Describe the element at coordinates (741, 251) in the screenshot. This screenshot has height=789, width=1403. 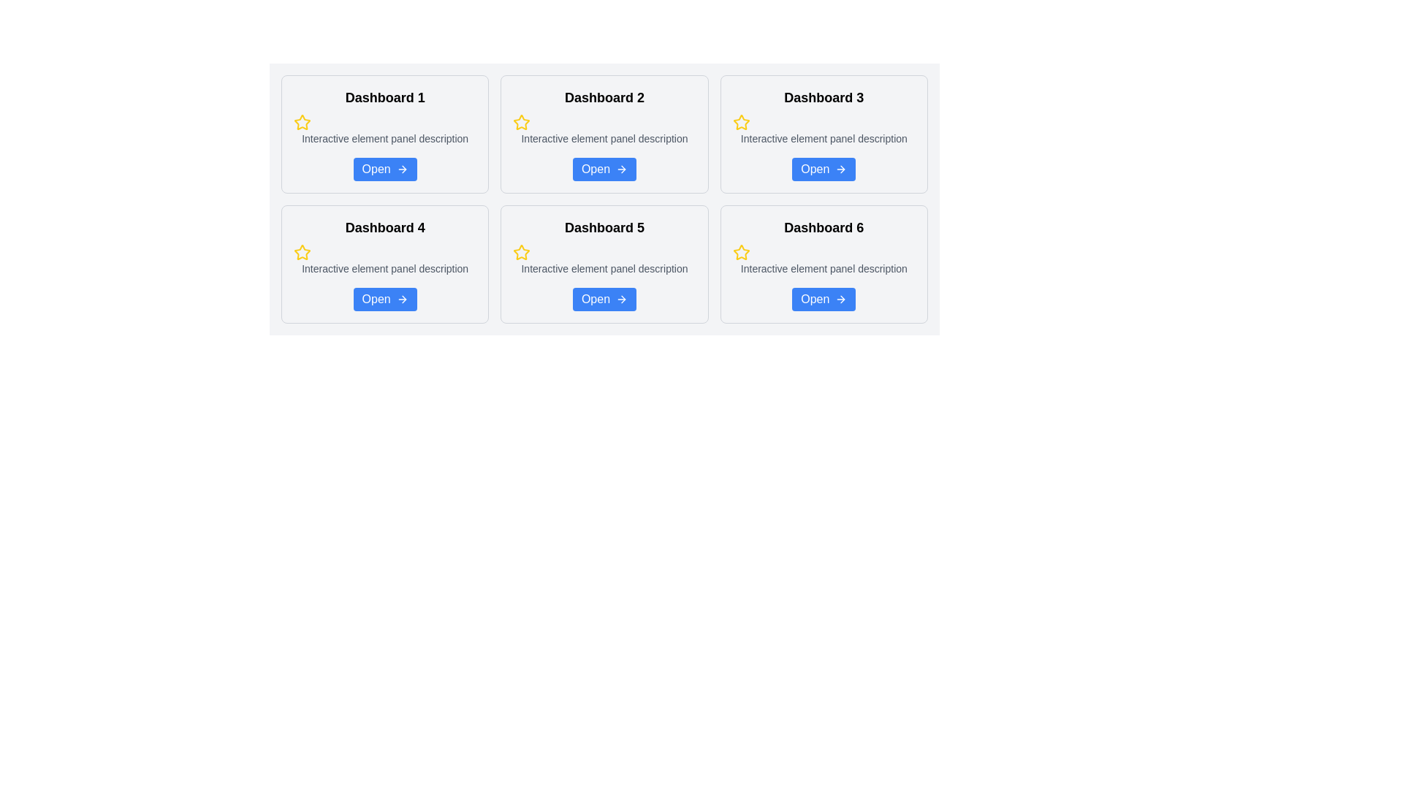
I see `the star-shaped icon outlined in yellow located in the second row and third column of the grid layout under 'Dashboard 6' to mark or favorite the associated panel` at that location.